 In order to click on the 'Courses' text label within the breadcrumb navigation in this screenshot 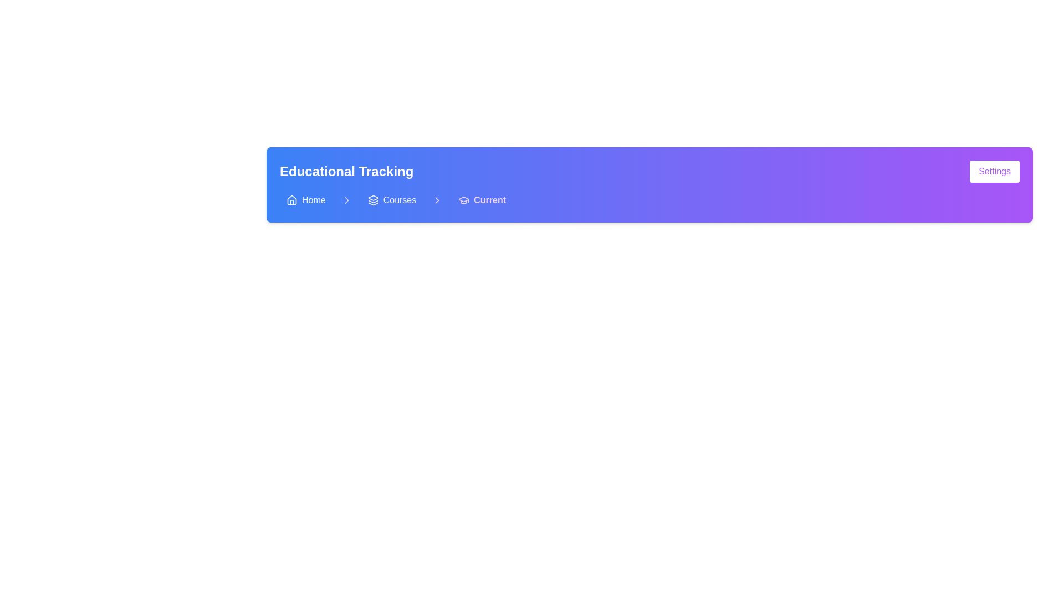, I will do `click(399, 200)`.